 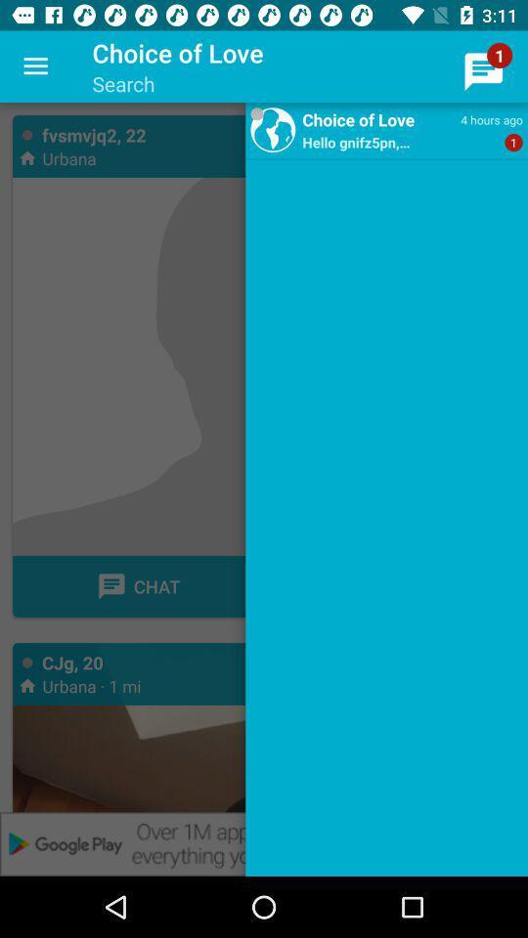 What do you see at coordinates (26, 134) in the screenshot?
I see `the dot option before fvsmvjq222 text` at bounding box center [26, 134].